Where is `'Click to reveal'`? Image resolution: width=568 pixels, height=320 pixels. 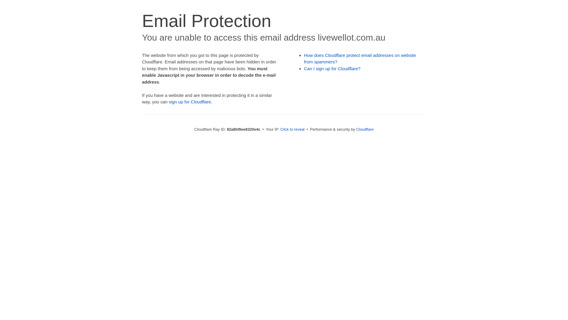 'Click to reveal' is located at coordinates (292, 129).